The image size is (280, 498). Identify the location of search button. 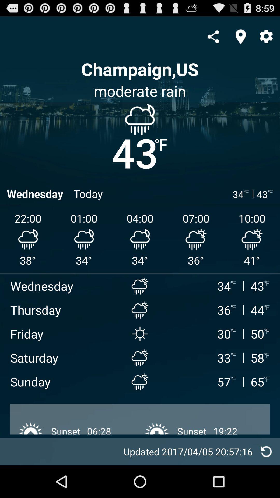
(241, 36).